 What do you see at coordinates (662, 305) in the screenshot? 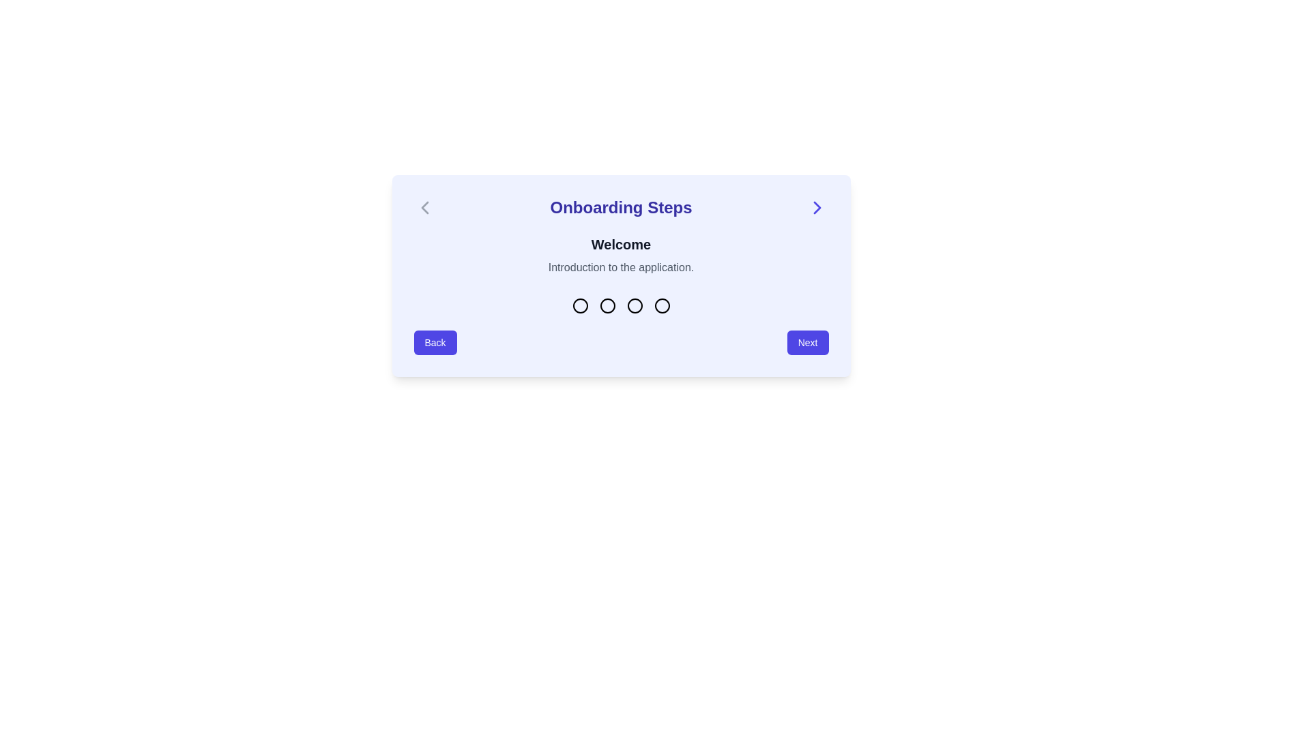
I see `the state change of the fourth Step Indicator Dot, which visually represents progress in a sequence of steps, located centrally beneath the 'Welcome' text and above the 'Back' and 'Next' navigation buttons` at bounding box center [662, 305].